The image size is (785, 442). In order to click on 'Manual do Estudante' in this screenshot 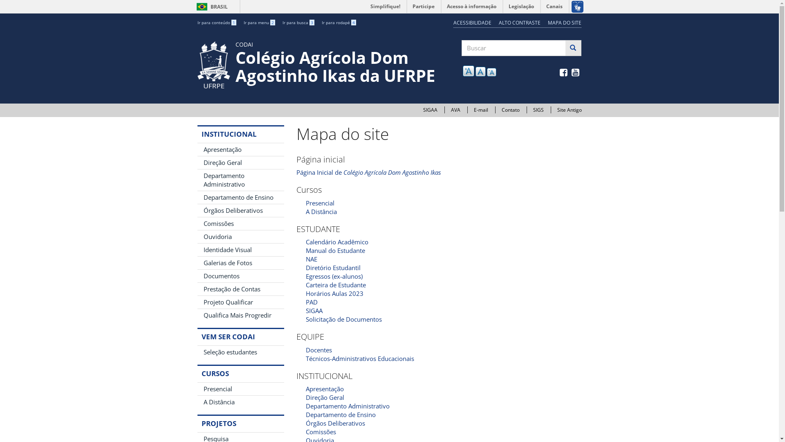, I will do `click(305, 250)`.